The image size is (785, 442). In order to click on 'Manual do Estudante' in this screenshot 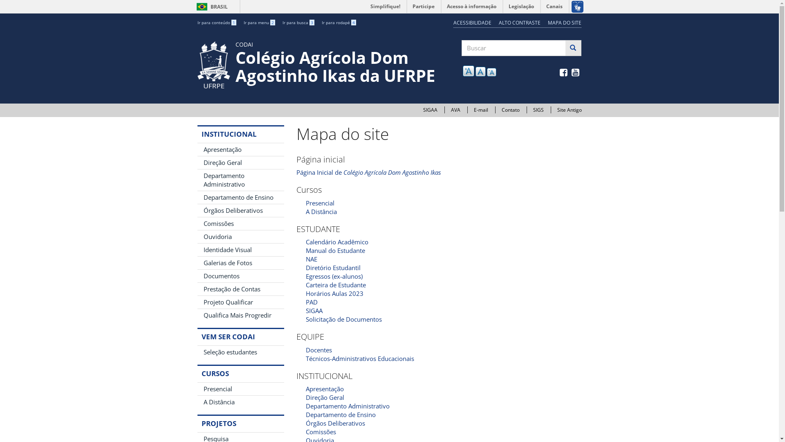, I will do `click(305, 250)`.